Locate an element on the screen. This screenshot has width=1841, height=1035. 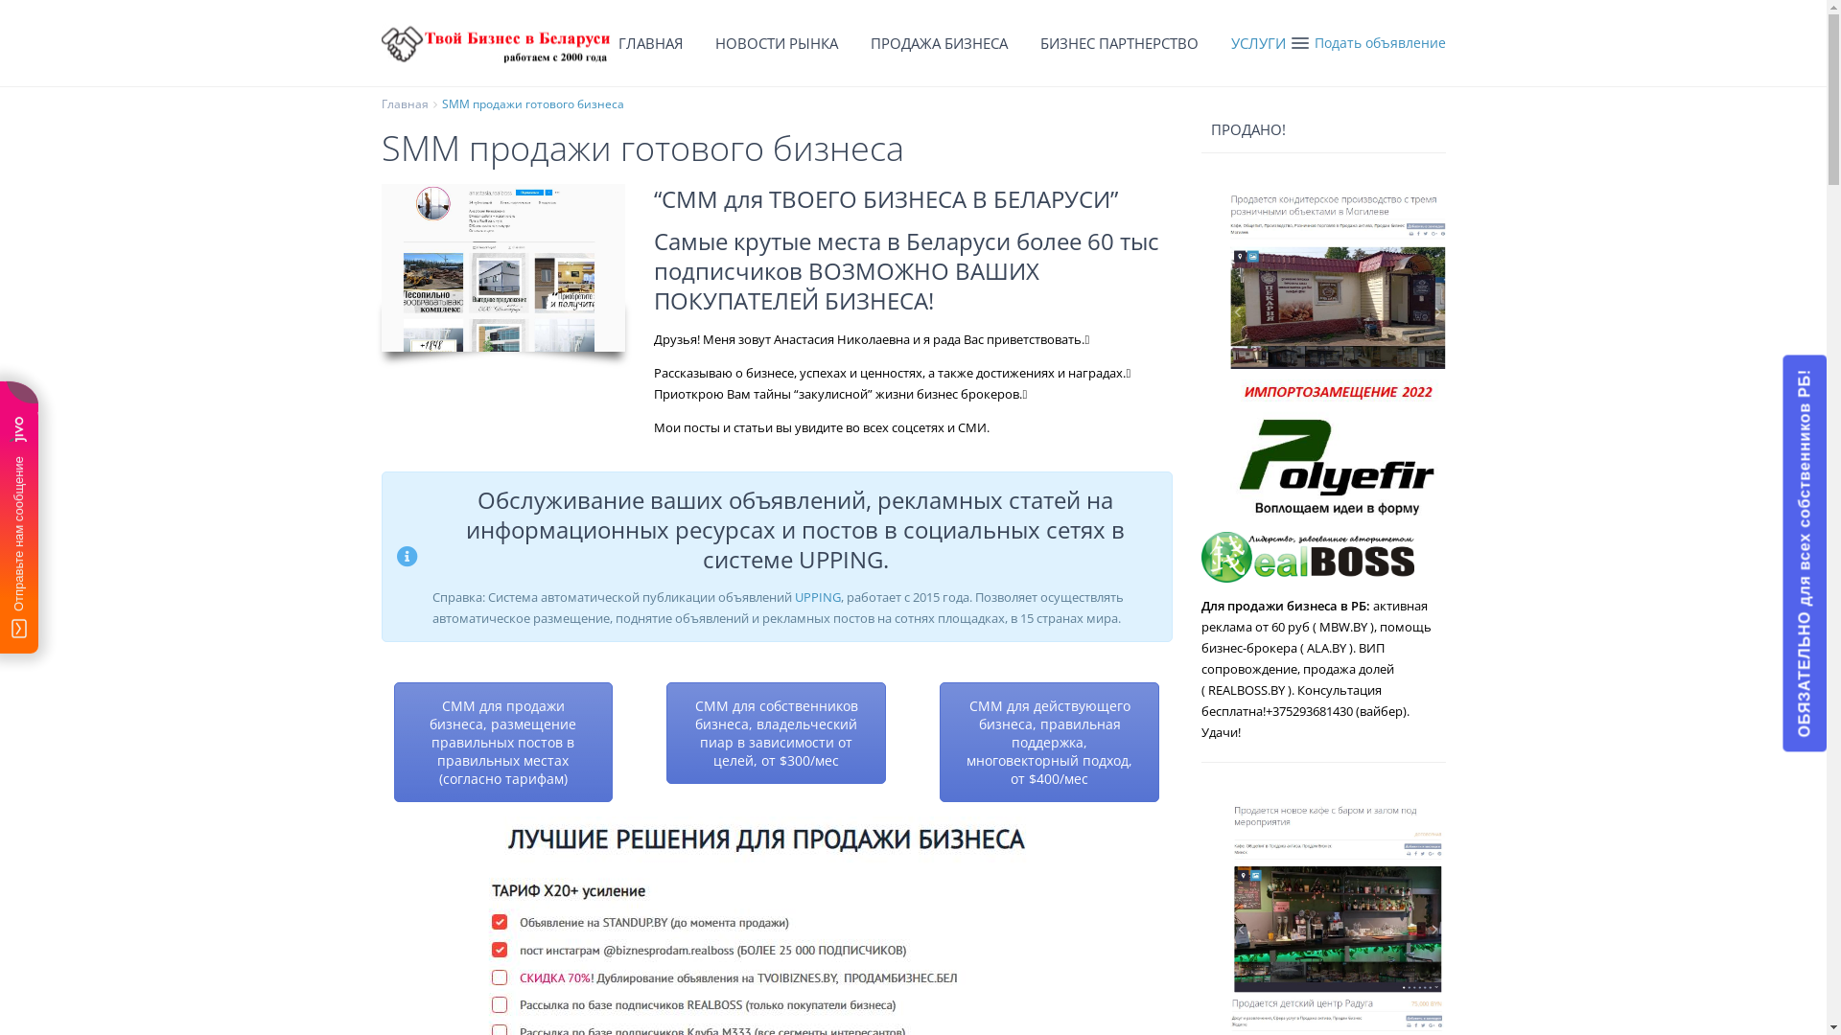
'MBW.BY' is located at coordinates (1342, 627).